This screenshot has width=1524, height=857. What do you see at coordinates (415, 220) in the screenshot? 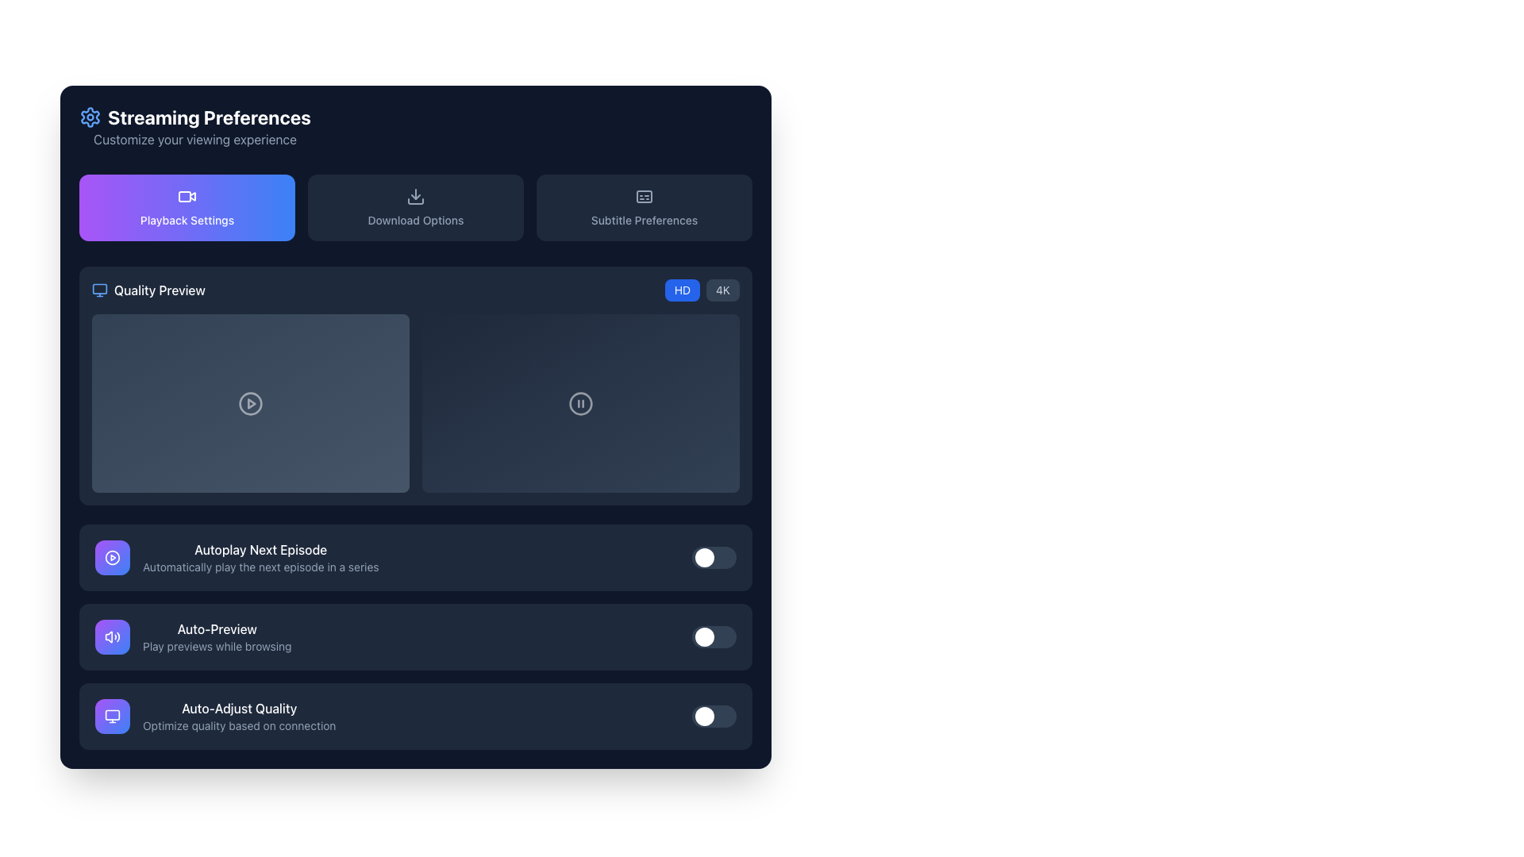
I see `the 'Download Options' text label, which is a small, medium-weight, light slate gray text centered below a download icon in a dark slate background` at bounding box center [415, 220].